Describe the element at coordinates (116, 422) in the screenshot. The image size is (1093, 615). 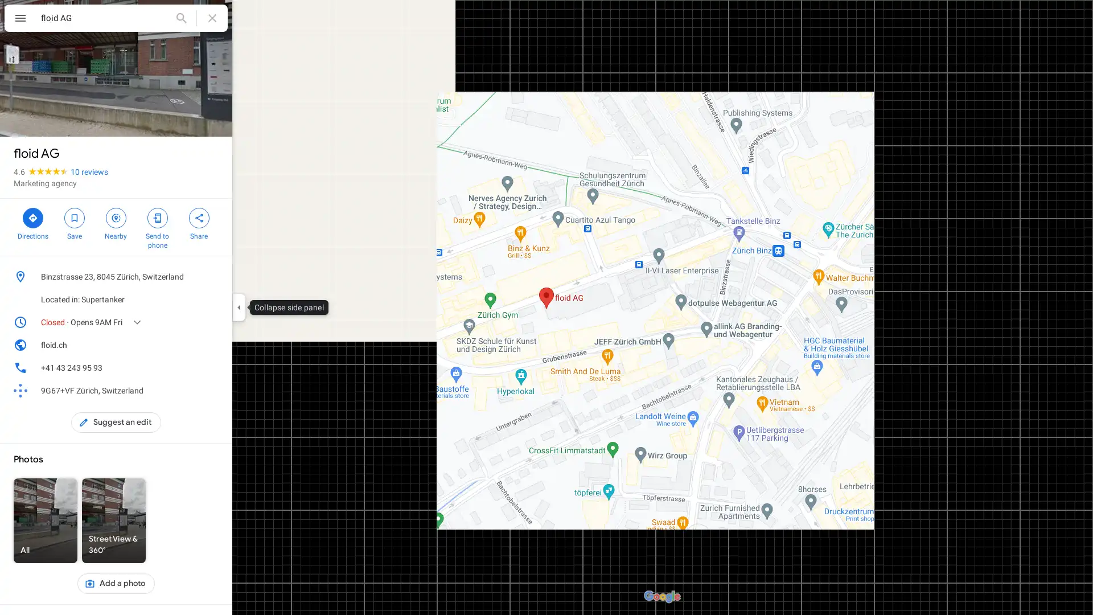
I see `Suggest an edit` at that location.